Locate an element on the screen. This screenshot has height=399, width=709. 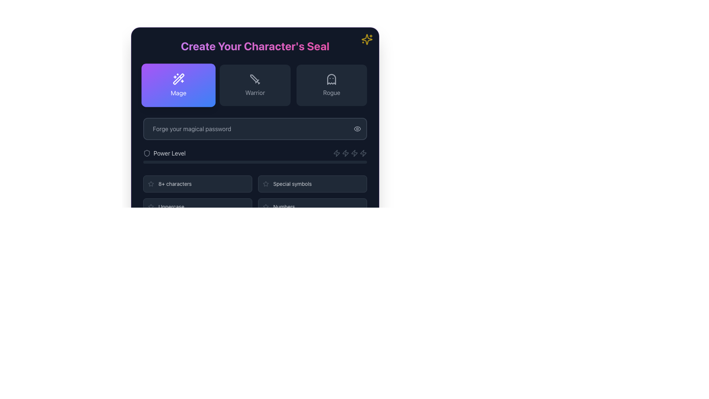
the 'Mage' button is located at coordinates (178, 85).